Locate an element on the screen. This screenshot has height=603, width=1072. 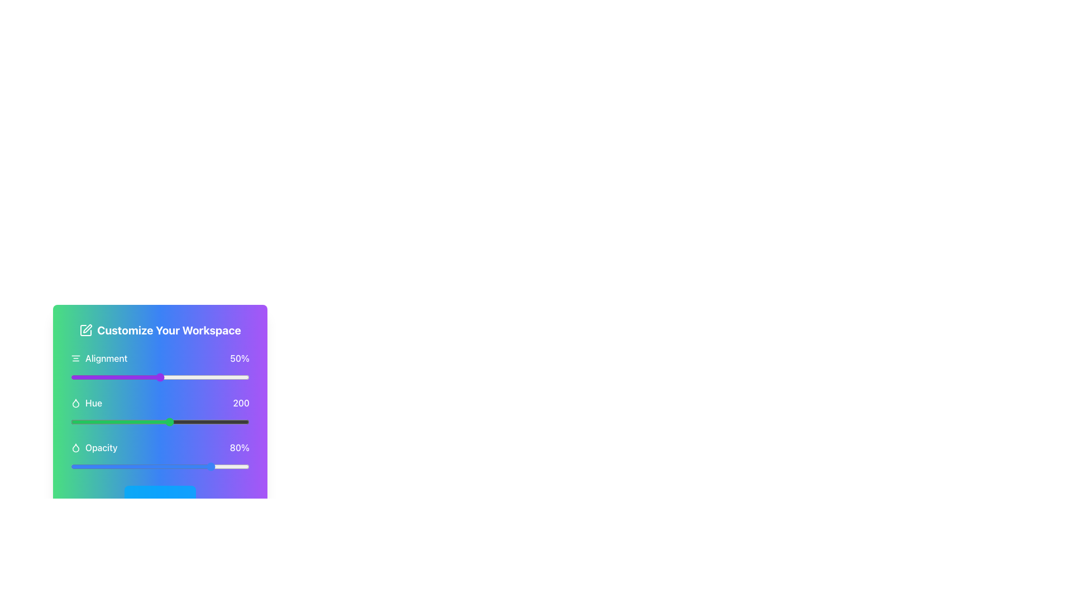
the droplet icon representing opacity, which is located adjacent to the text 'Opacity' in the lower portion of the interface is located at coordinates (75, 447).